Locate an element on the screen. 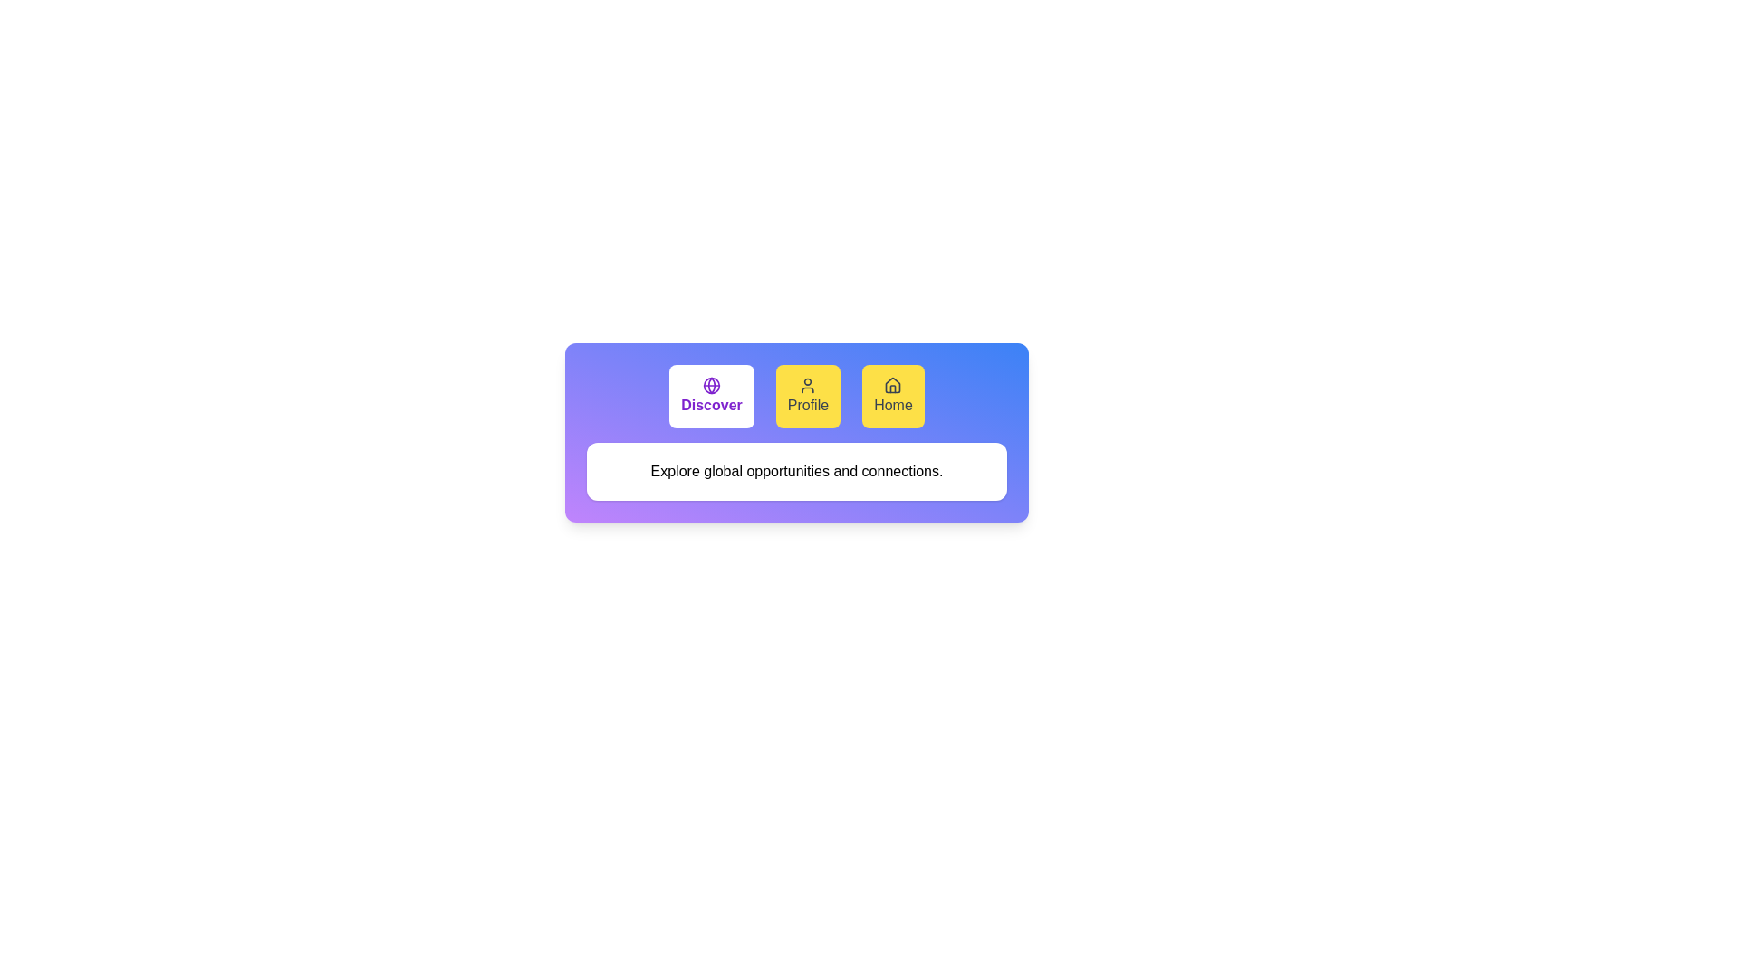 This screenshot has height=978, width=1739. the yellow rectangular 'Home' button with rounded edges is located at coordinates (893, 396).